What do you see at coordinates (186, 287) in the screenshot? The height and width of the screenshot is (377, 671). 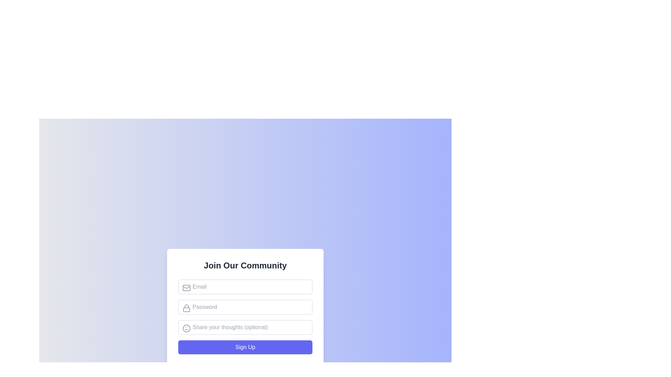 I see `the decorative email icon located inside the email input field towards the left side, indicating the purpose of the field` at bounding box center [186, 287].